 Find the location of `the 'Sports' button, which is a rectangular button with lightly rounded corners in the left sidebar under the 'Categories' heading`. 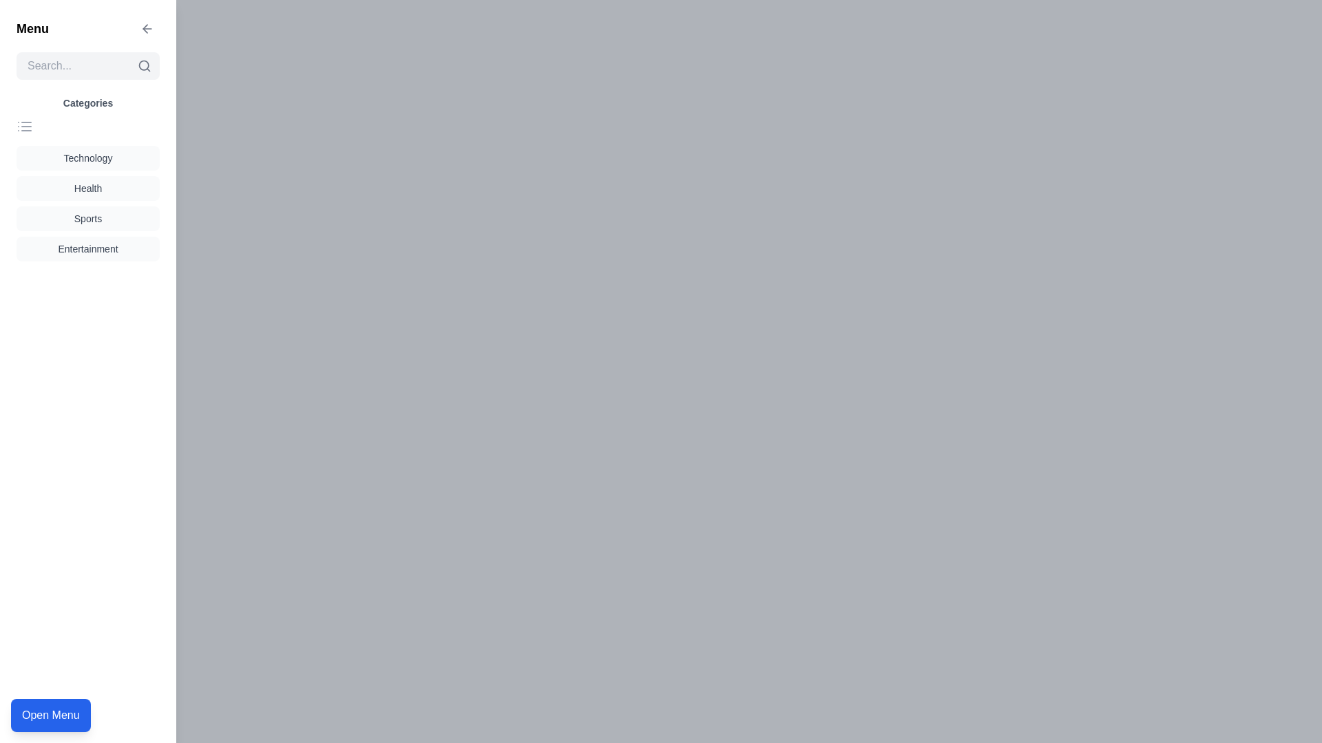

the 'Sports' button, which is a rectangular button with lightly rounded corners in the left sidebar under the 'Categories' heading is located at coordinates (87, 217).